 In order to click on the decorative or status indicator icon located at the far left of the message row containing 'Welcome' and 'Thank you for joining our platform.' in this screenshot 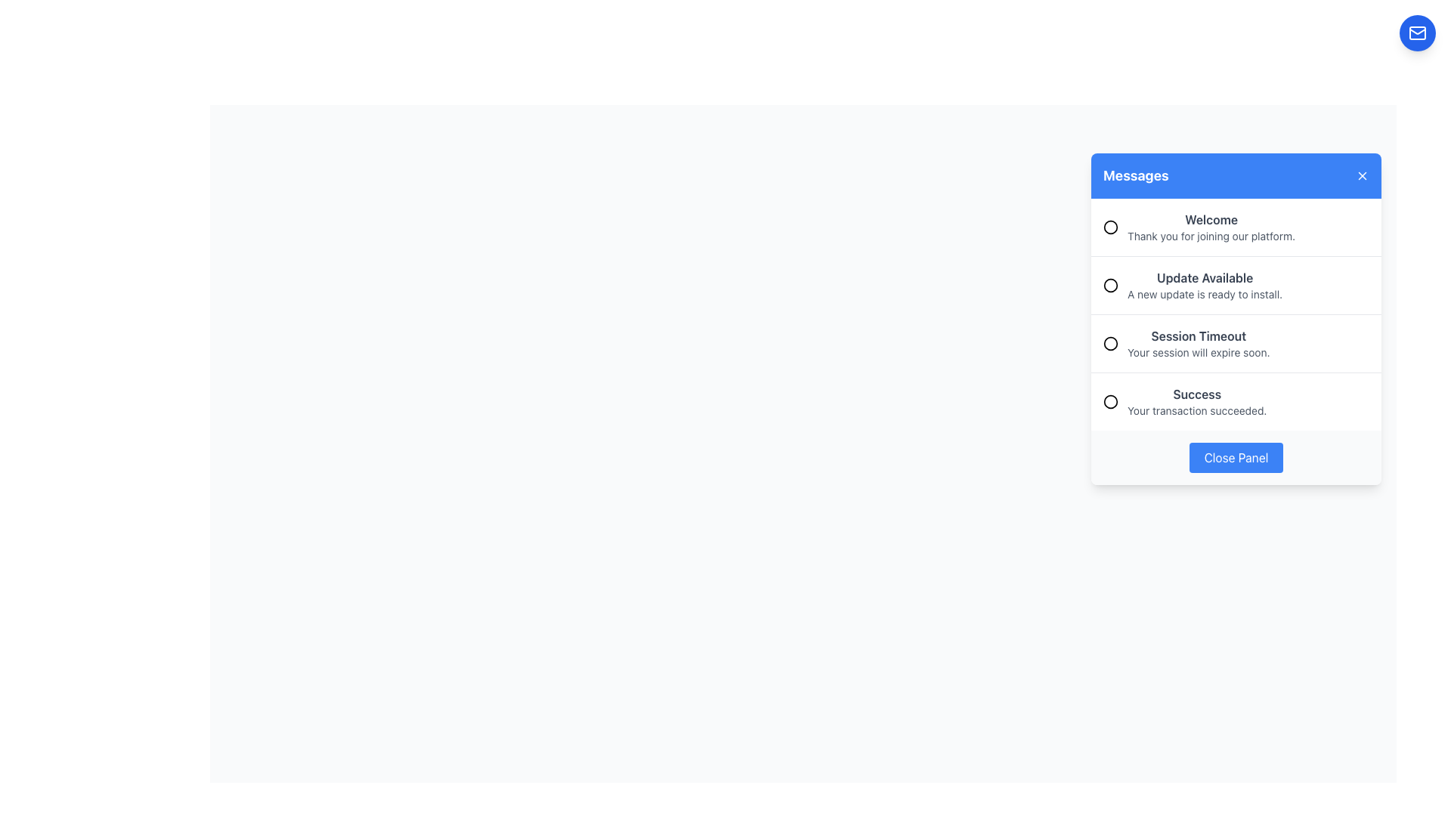, I will do `click(1110, 227)`.